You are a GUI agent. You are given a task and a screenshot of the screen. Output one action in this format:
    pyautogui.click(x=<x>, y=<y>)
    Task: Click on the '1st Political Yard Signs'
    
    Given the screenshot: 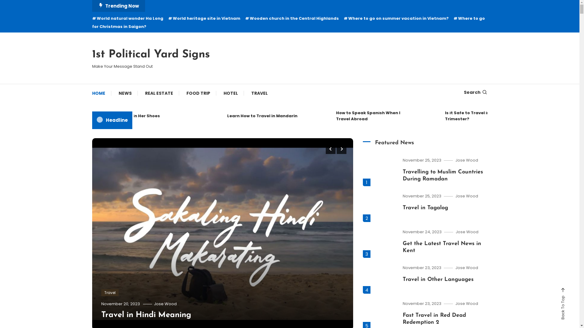 What is the action you would take?
    pyautogui.click(x=151, y=55)
    